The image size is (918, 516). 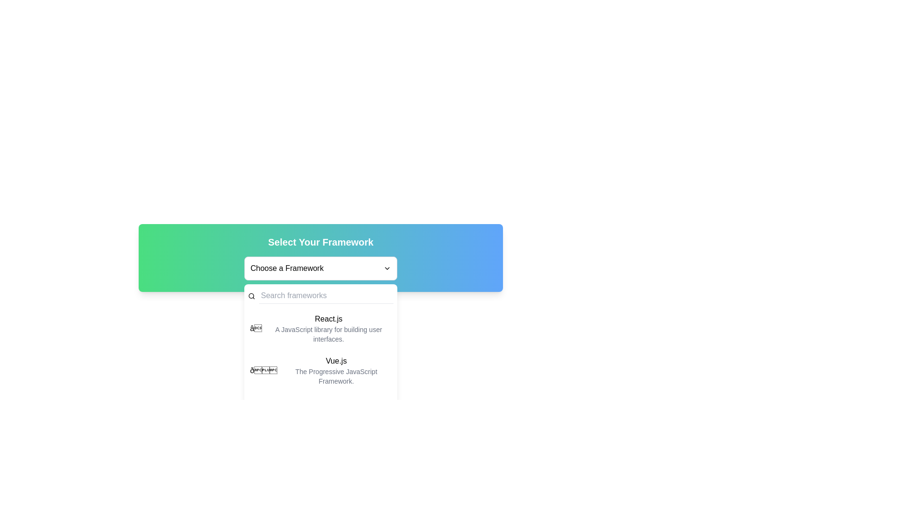 What do you see at coordinates (328, 328) in the screenshot?
I see `text content of the Text block that identifies 'React.js', located centrally in the dropdown menu, beneath the search bar` at bounding box center [328, 328].